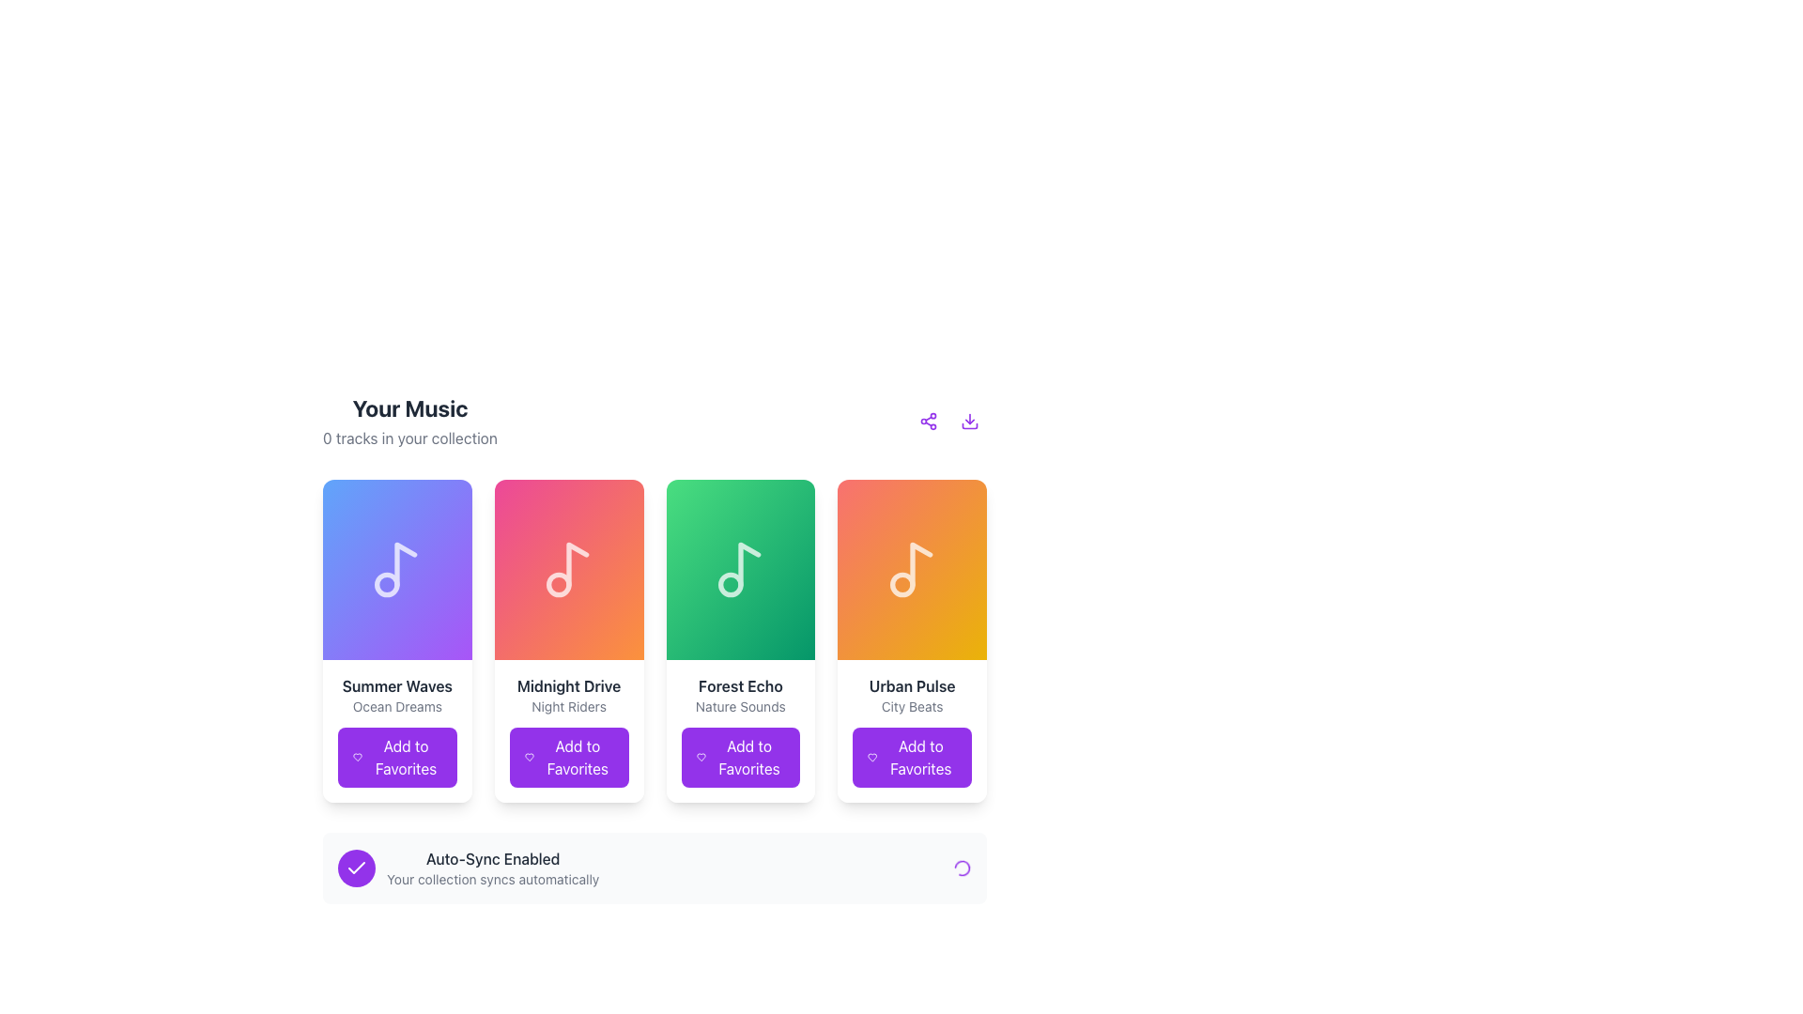  Describe the element at coordinates (493, 858) in the screenshot. I see `the static text label displaying 'Auto-Sync Enabled', which is styled in dark gray and located above the text 'Your collection syncs automatically'` at that location.